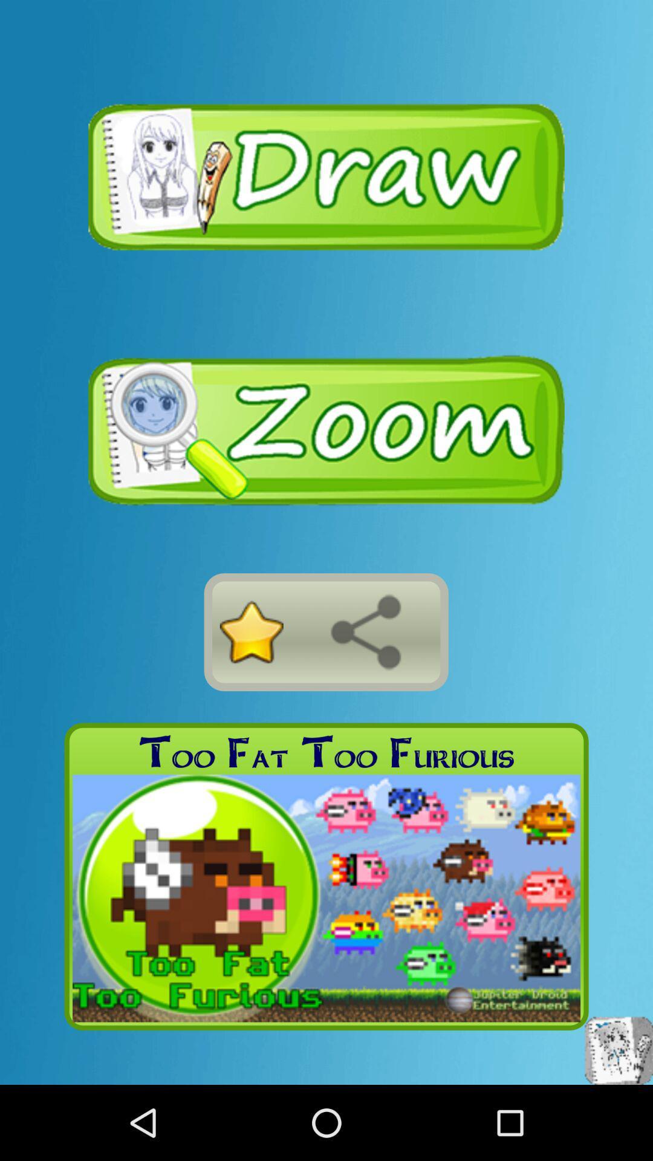 The image size is (653, 1161). I want to click on the icon above too fat too app, so click(251, 631).